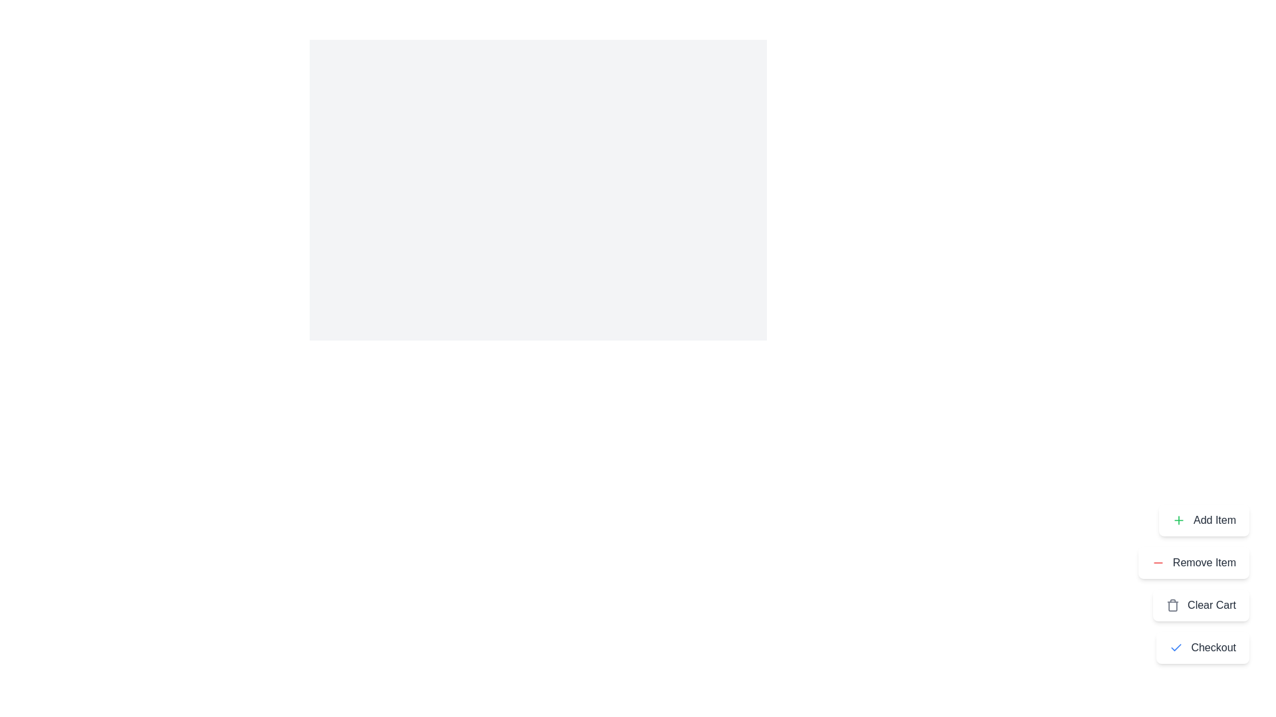  Describe the element at coordinates (1194, 563) in the screenshot. I see `'Remove Item' button` at that location.